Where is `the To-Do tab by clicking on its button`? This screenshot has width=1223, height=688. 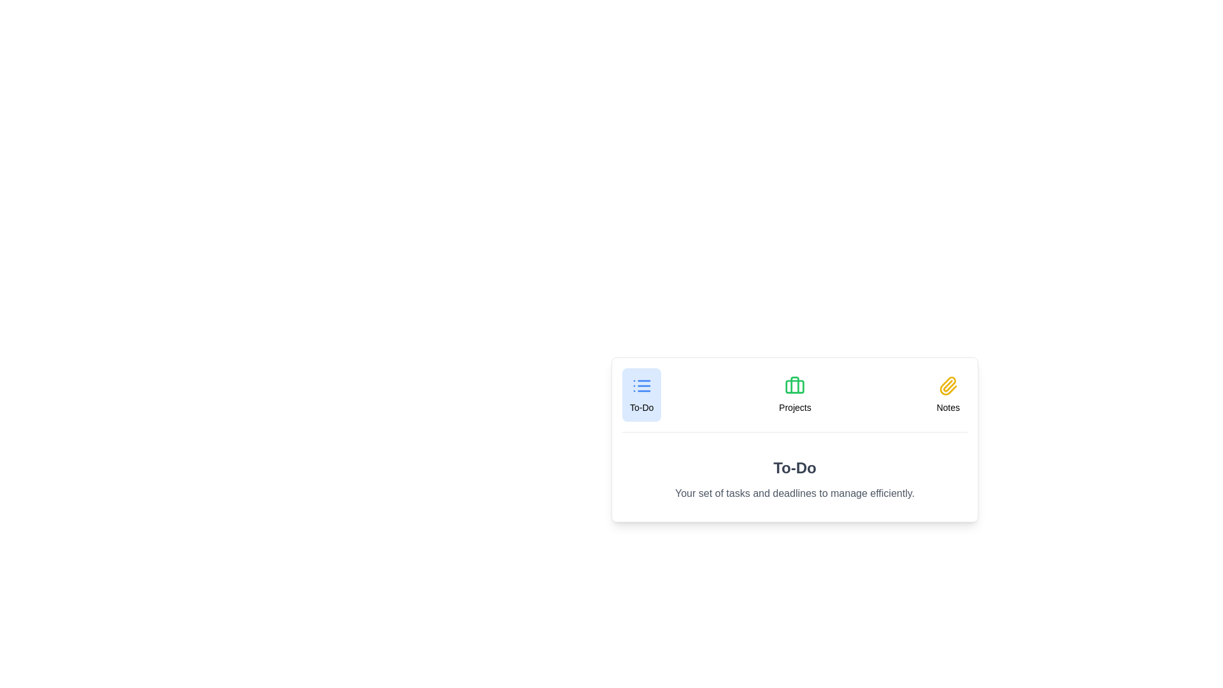
the To-Do tab by clicking on its button is located at coordinates (641, 394).